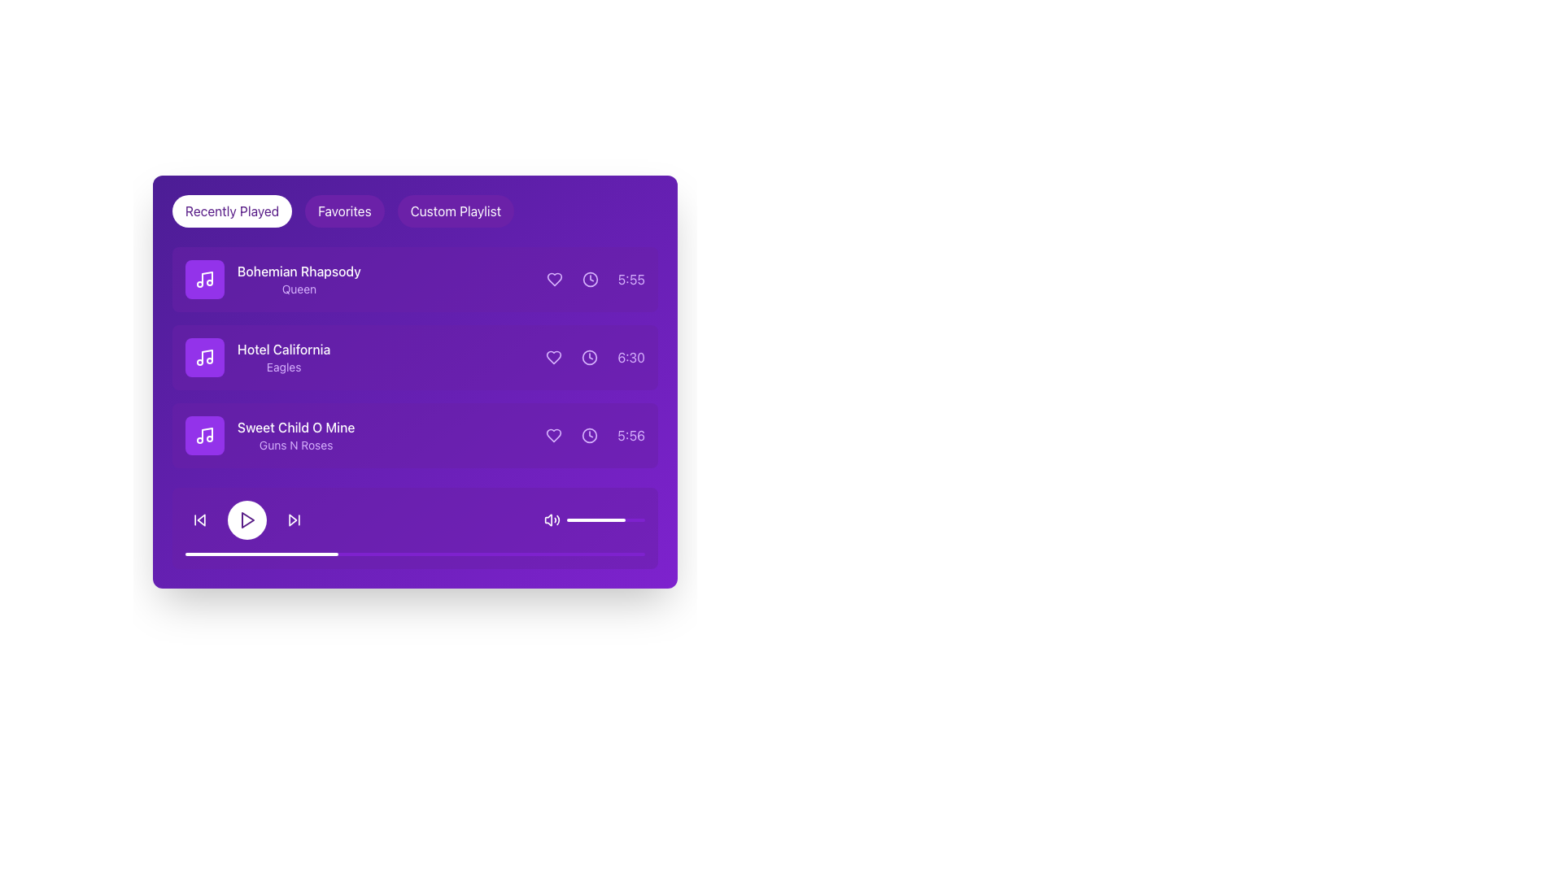  I want to click on the forward skip button icon, so click(294, 520).